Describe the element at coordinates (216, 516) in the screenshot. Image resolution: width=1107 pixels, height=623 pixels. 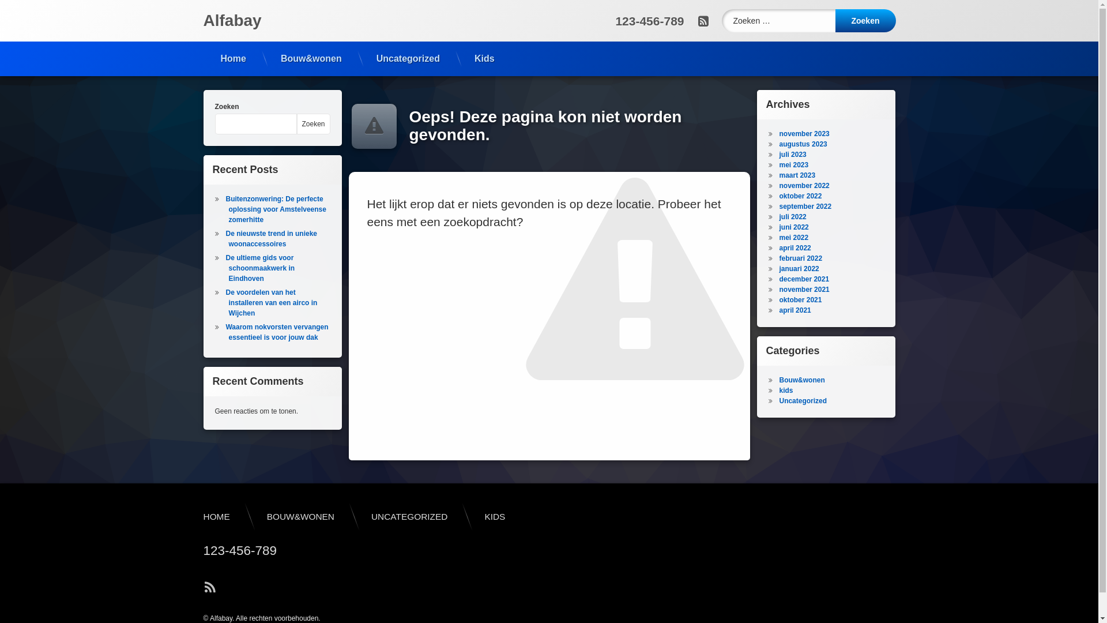
I see `'HOME'` at that location.